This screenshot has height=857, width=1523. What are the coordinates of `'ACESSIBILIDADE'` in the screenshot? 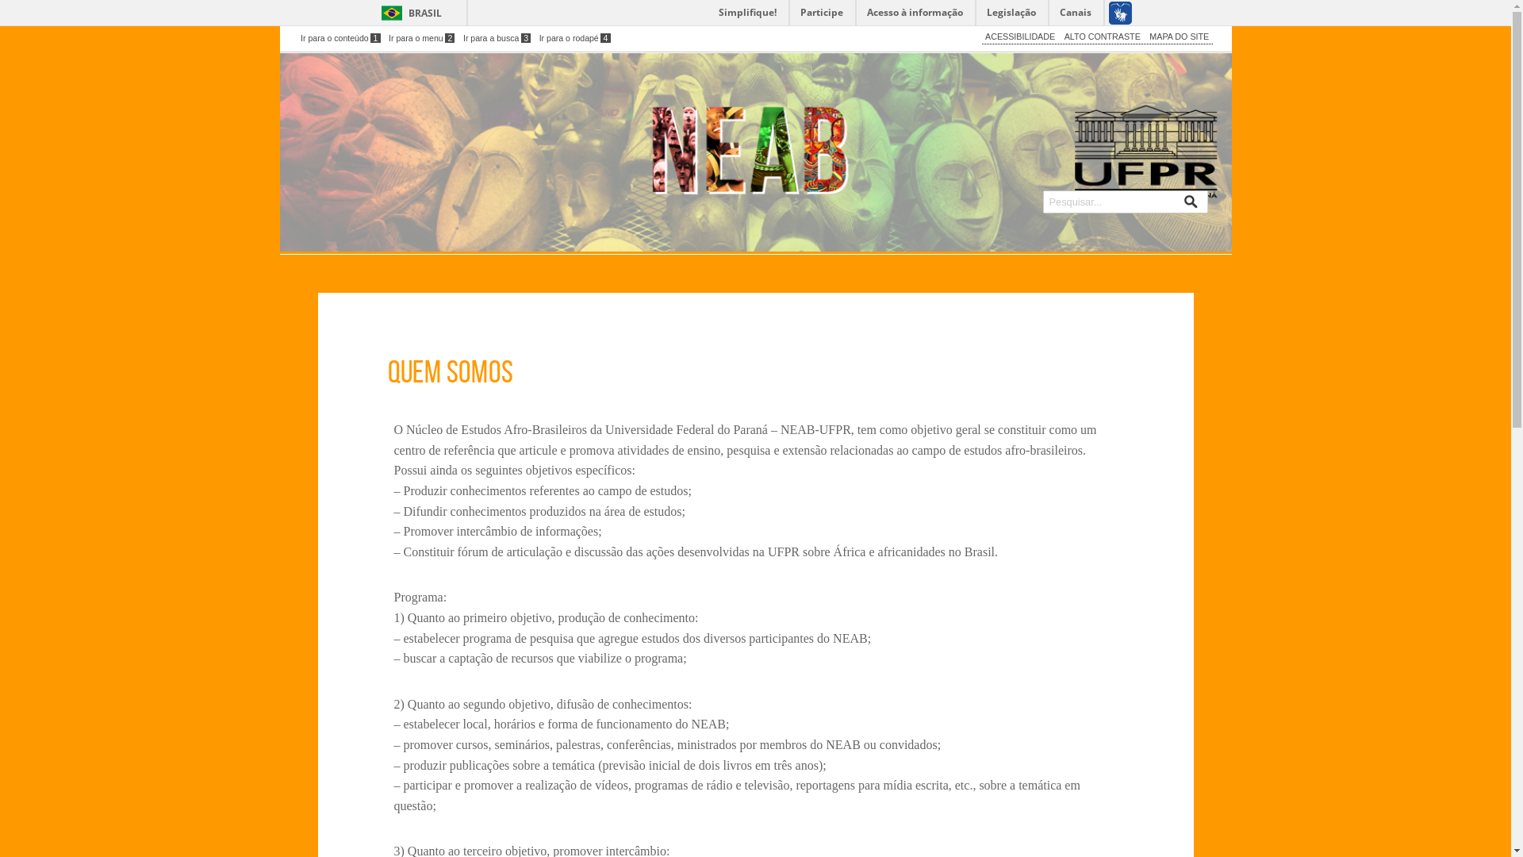 It's located at (1020, 36).